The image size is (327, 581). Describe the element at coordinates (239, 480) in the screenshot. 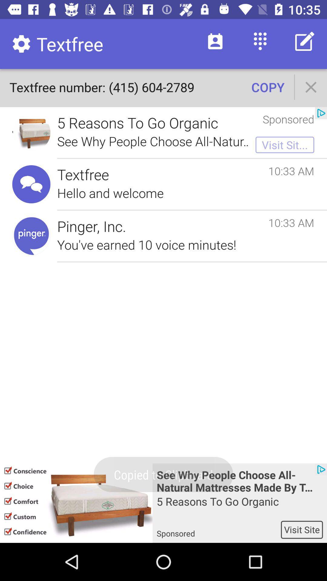

I see `the text above 5 reasons to go organic at bottom of the page` at that location.